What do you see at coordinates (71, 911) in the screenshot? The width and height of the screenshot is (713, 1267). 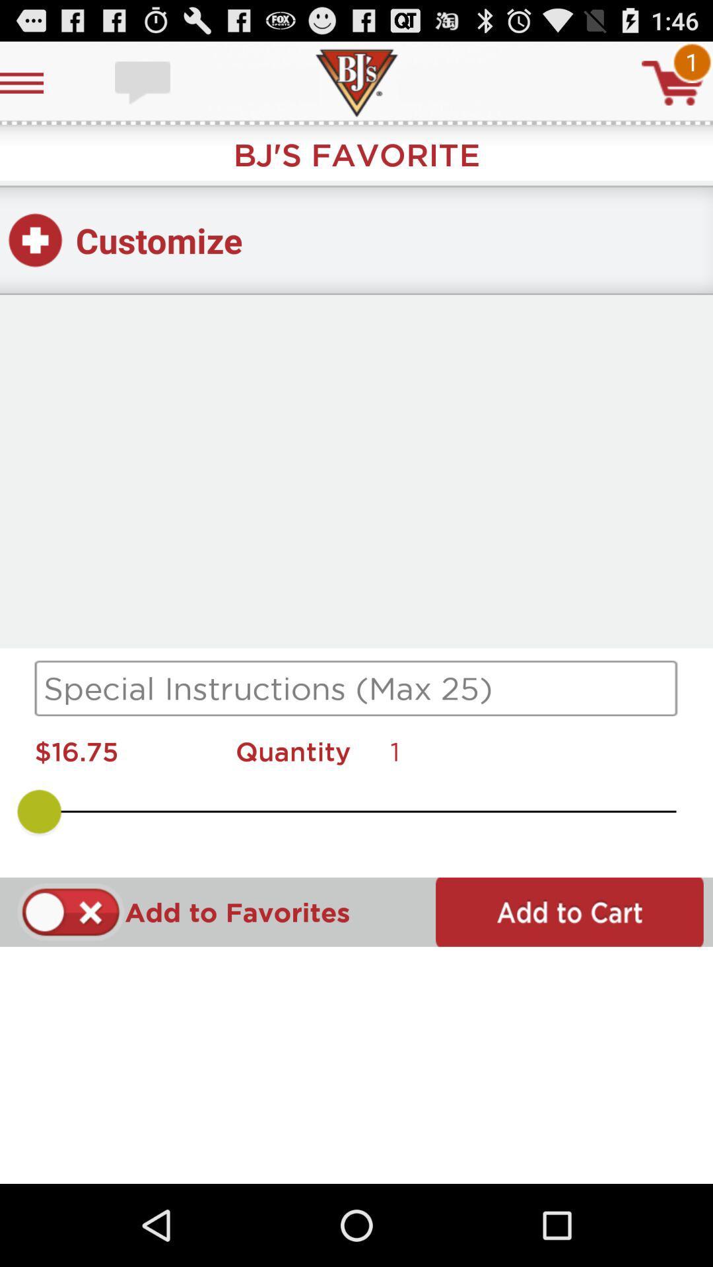 I see `add to favorites` at bounding box center [71, 911].